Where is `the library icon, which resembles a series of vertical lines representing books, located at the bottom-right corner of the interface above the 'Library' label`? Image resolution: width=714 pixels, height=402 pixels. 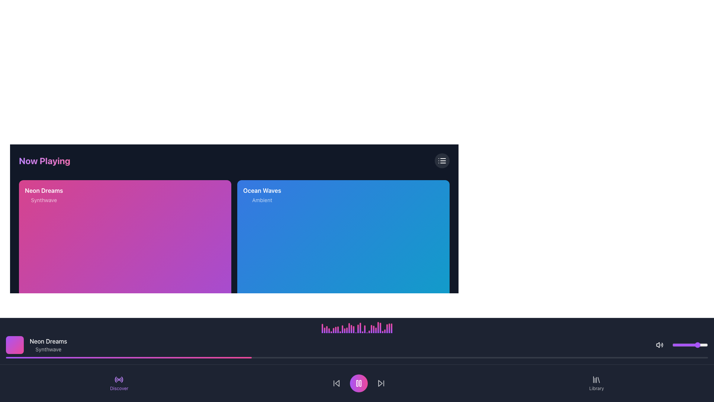 the library icon, which resembles a series of vertical lines representing books, located at the bottom-right corner of the interface above the 'Library' label is located at coordinates (596, 379).